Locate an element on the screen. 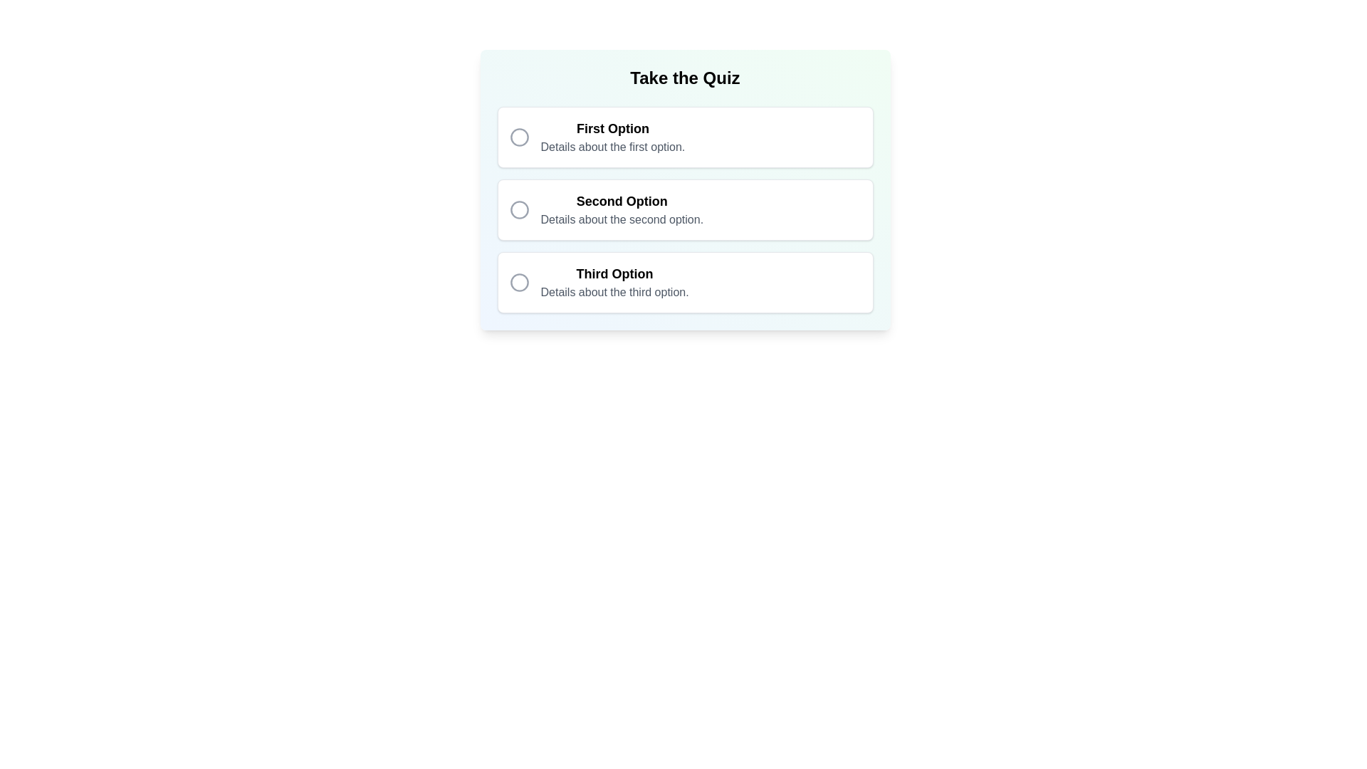 This screenshot has height=769, width=1367. the text label displaying 'Details about the third option.' which is styled with a gray font color, located below the bold heading 'Third Option' in the quiz interface is located at coordinates (614, 292).